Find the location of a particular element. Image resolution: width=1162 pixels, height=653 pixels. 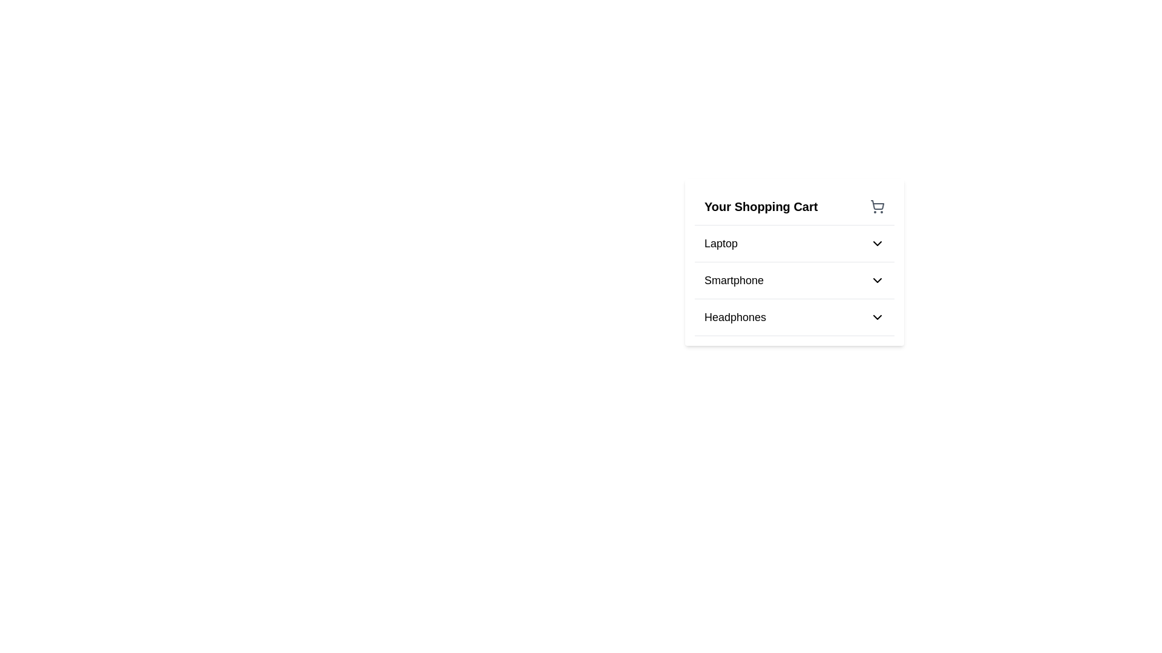

to select or expand the third item in the shopping cart labeled 'Headphones', located in the bottom-right of the interface is located at coordinates (795, 316).